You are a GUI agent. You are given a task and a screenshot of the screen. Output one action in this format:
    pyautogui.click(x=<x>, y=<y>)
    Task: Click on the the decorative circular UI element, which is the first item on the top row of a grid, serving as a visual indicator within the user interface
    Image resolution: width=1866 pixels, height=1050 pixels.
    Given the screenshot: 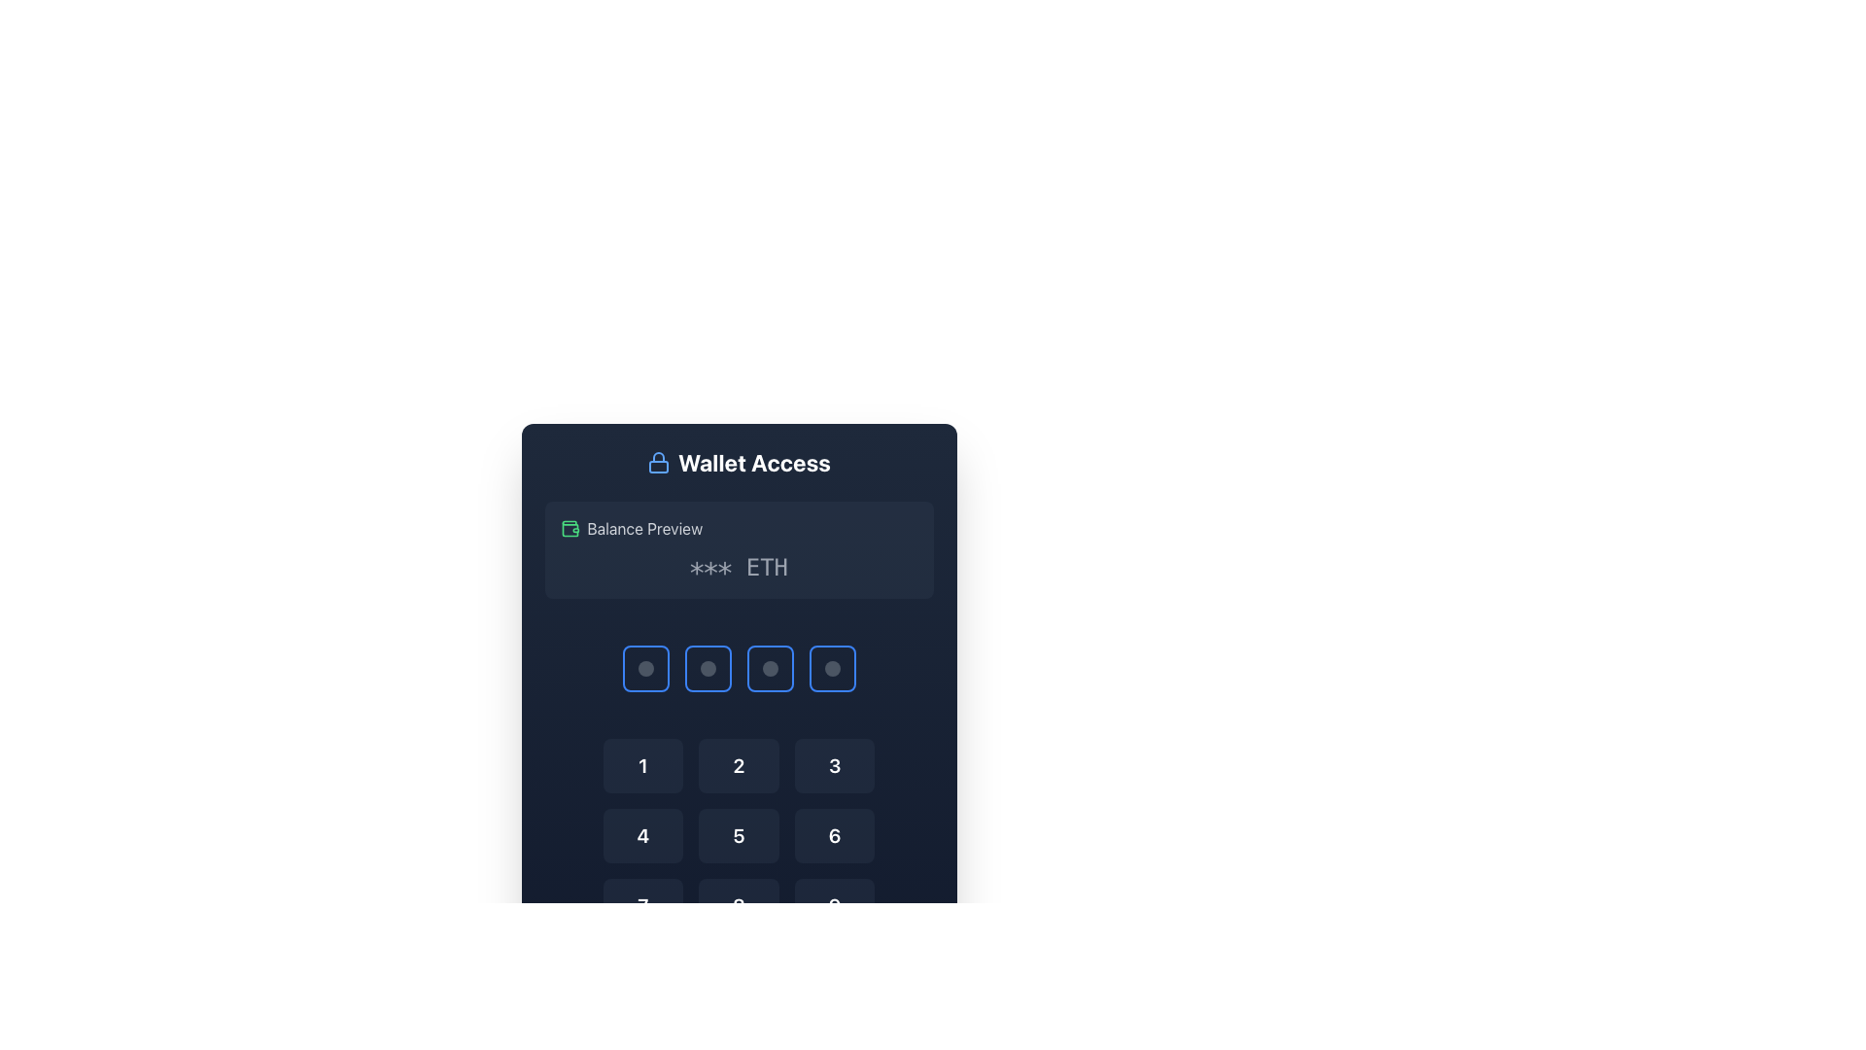 What is the action you would take?
    pyautogui.click(x=645, y=667)
    